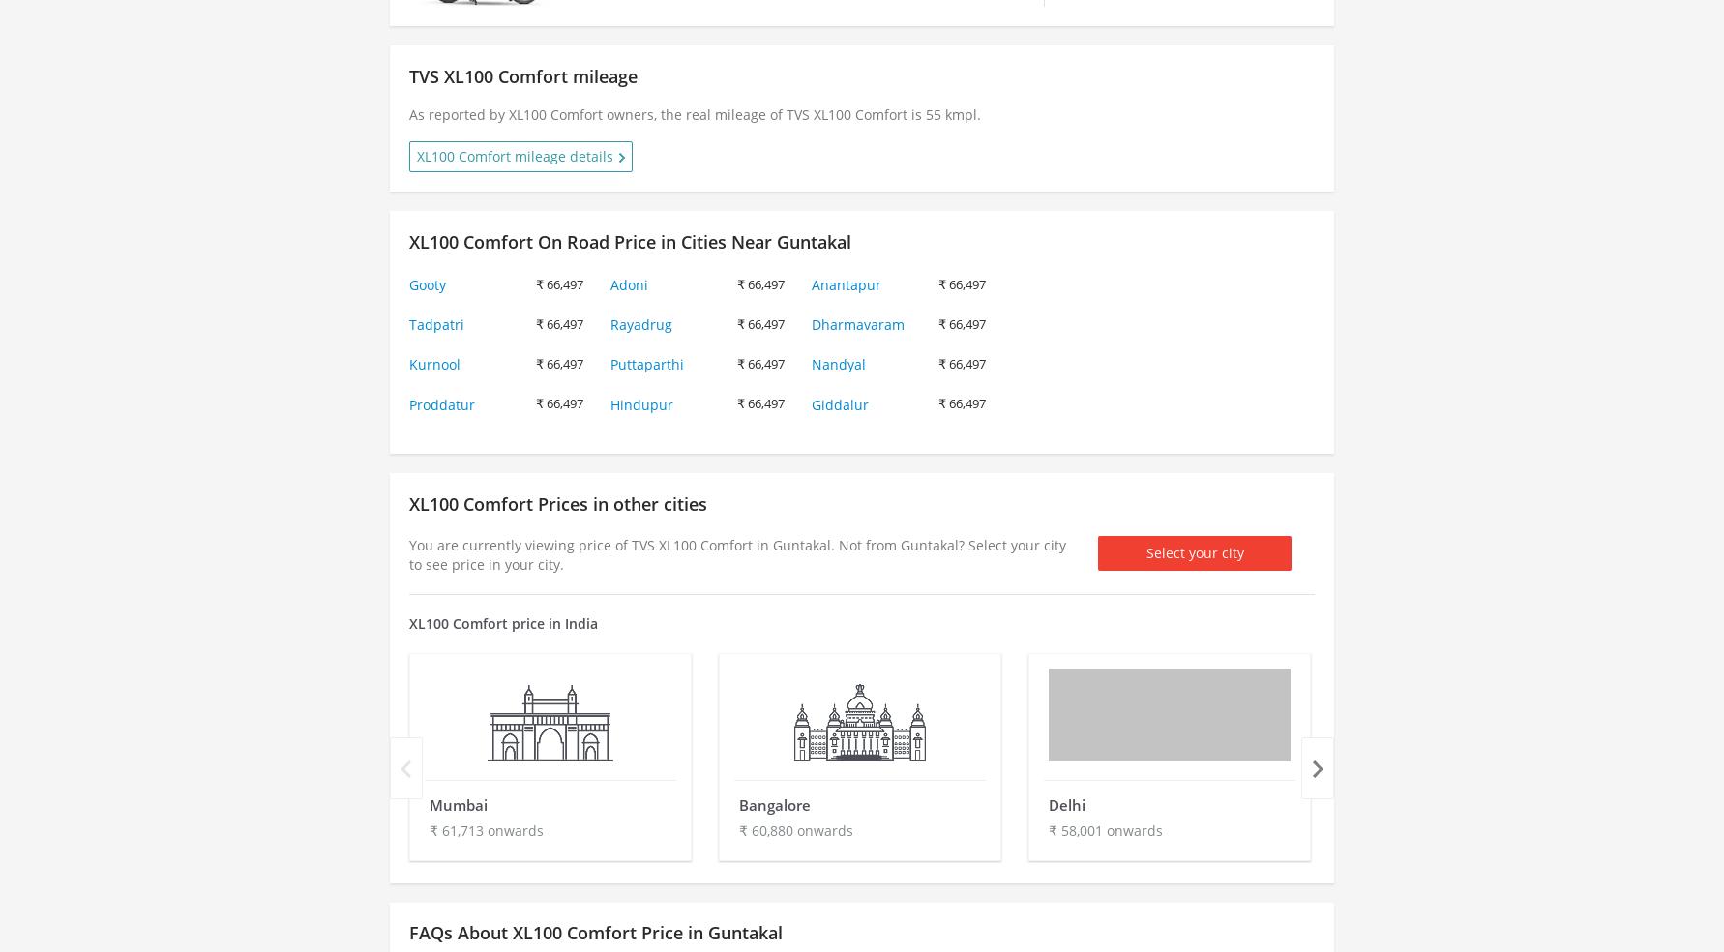 The height and width of the screenshot is (952, 1724). What do you see at coordinates (645, 364) in the screenshot?
I see `'Puttaparthi'` at bounding box center [645, 364].